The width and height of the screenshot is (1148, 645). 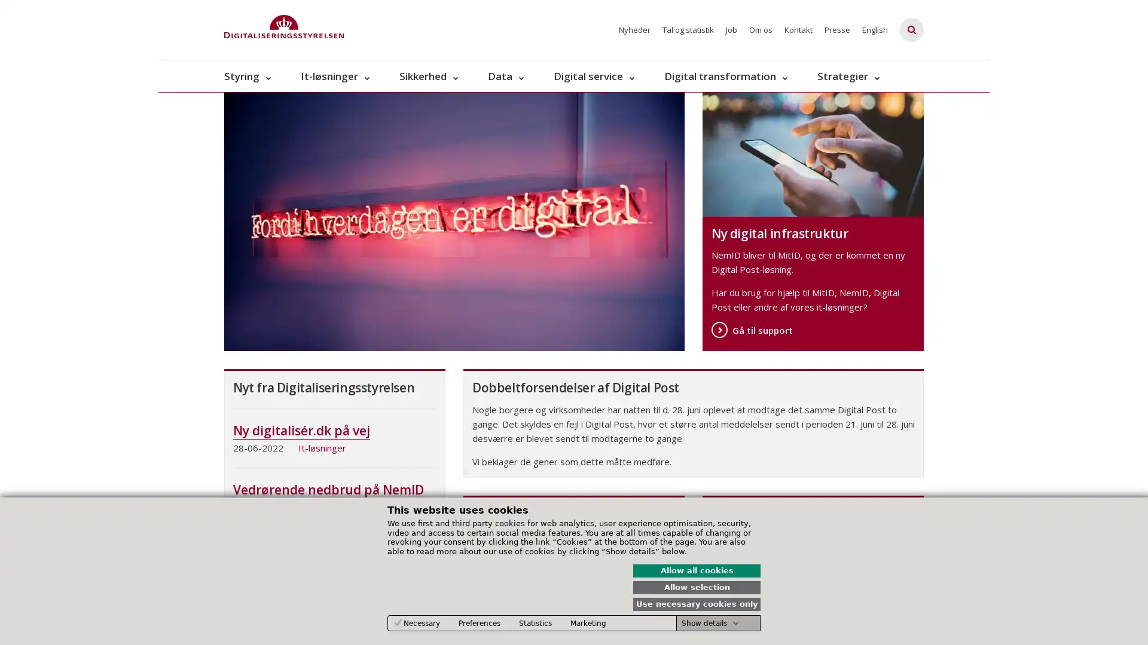 I want to click on Data - flere links, so click(x=521, y=76).